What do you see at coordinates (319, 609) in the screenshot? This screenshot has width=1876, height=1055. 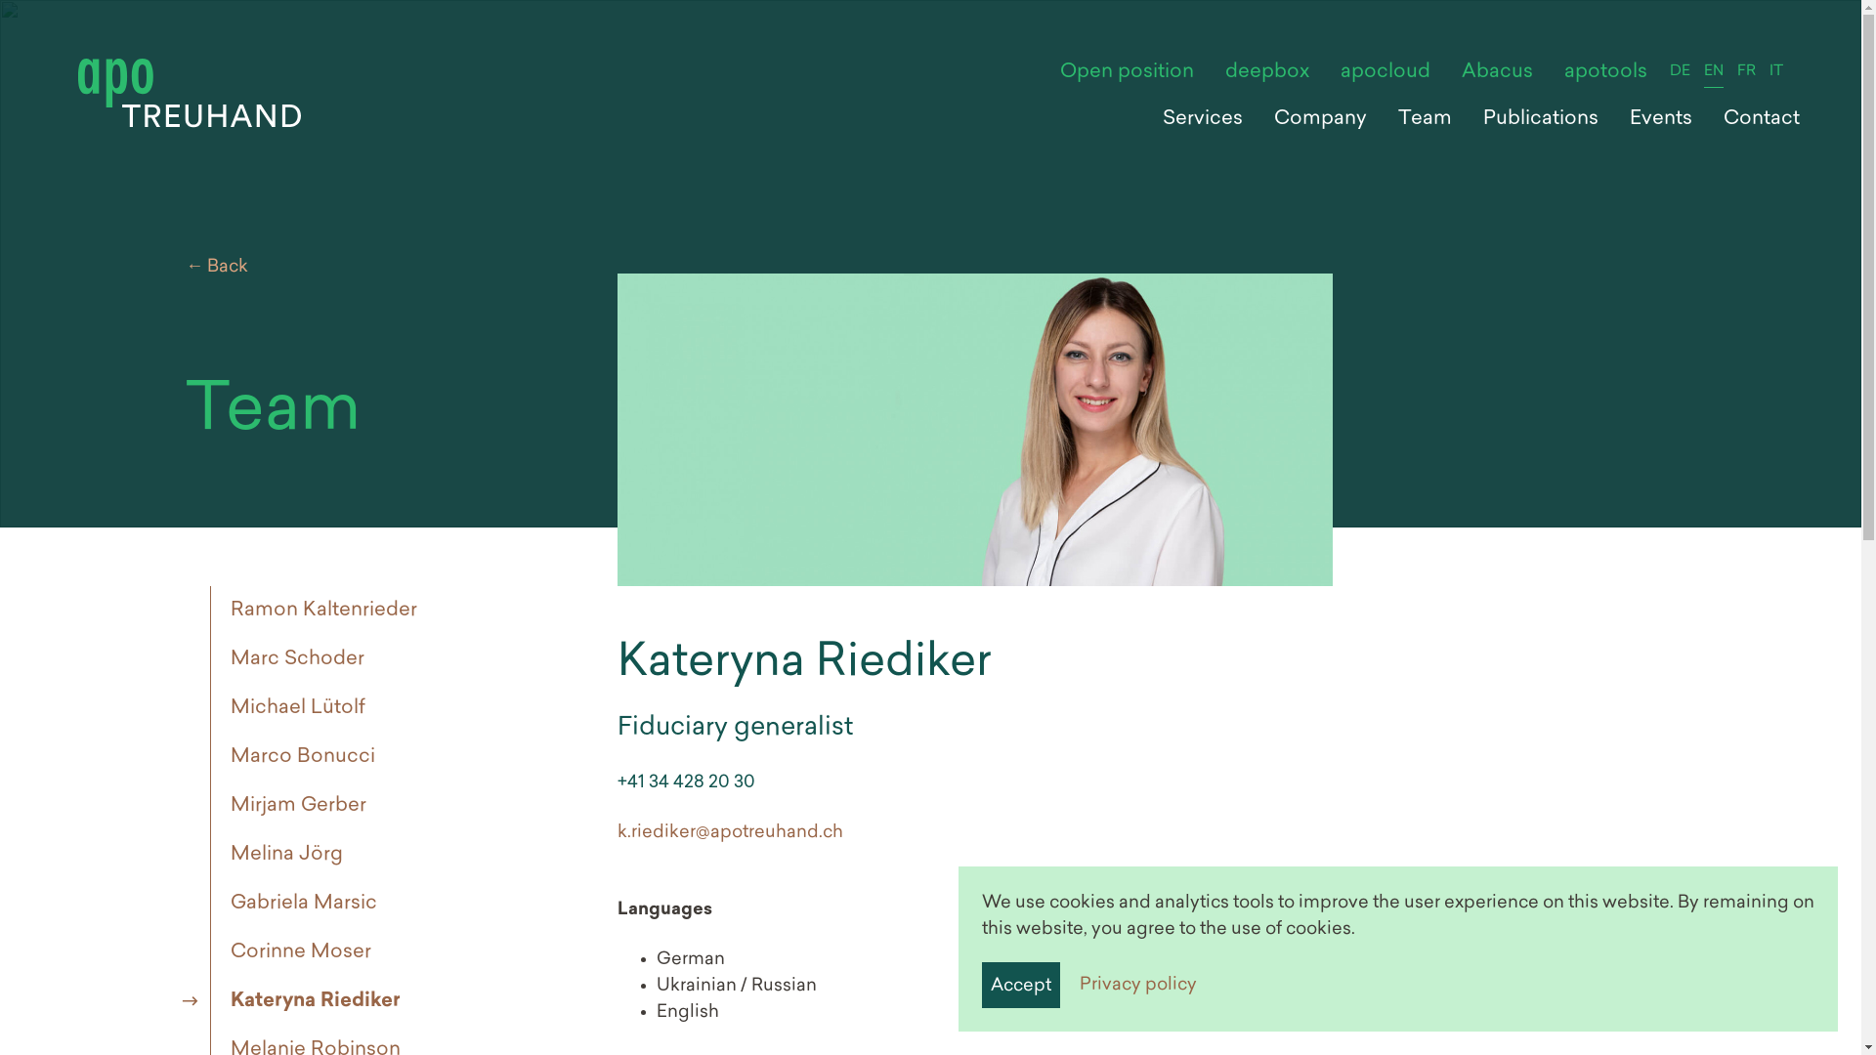 I see `'Ramon Kaltenrieder'` at bounding box center [319, 609].